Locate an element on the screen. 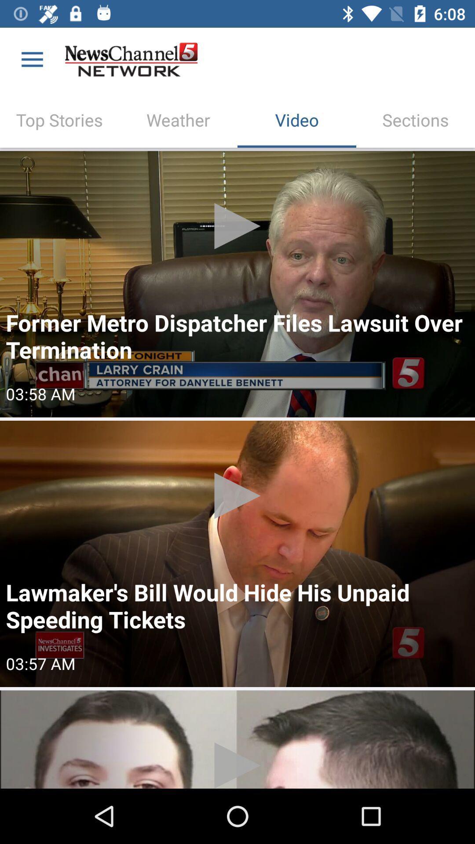 The image size is (475, 844). bottom video is located at coordinates (237, 739).